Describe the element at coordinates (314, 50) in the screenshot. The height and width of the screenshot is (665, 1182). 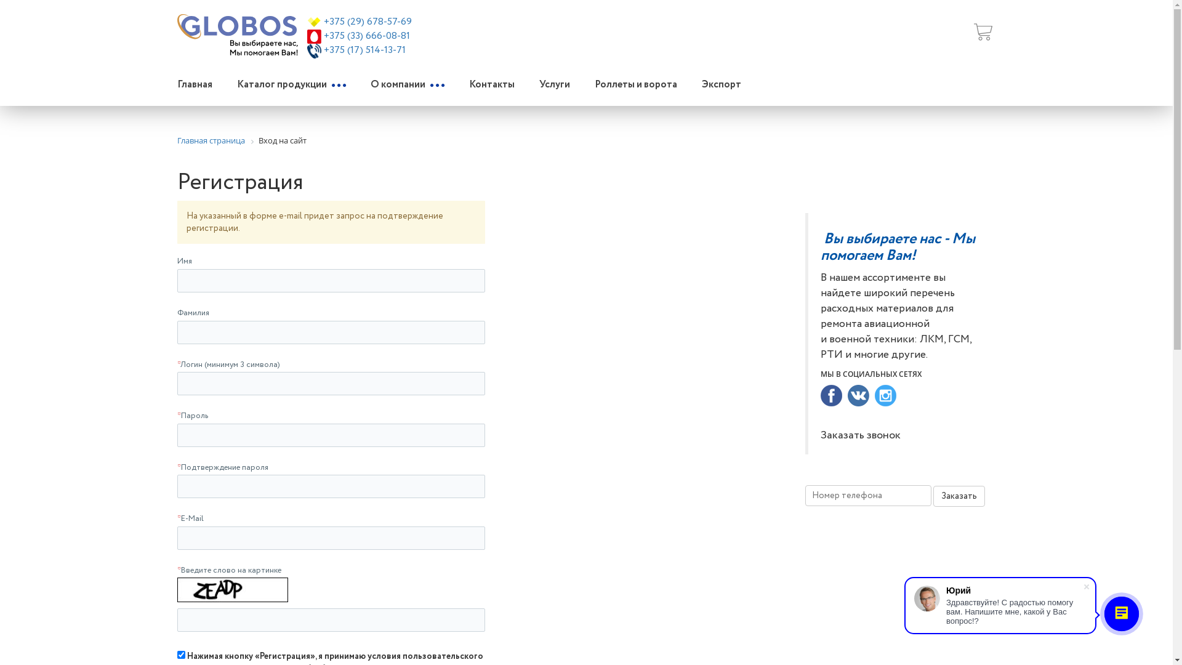
I see `'tel_icon.png'` at that location.